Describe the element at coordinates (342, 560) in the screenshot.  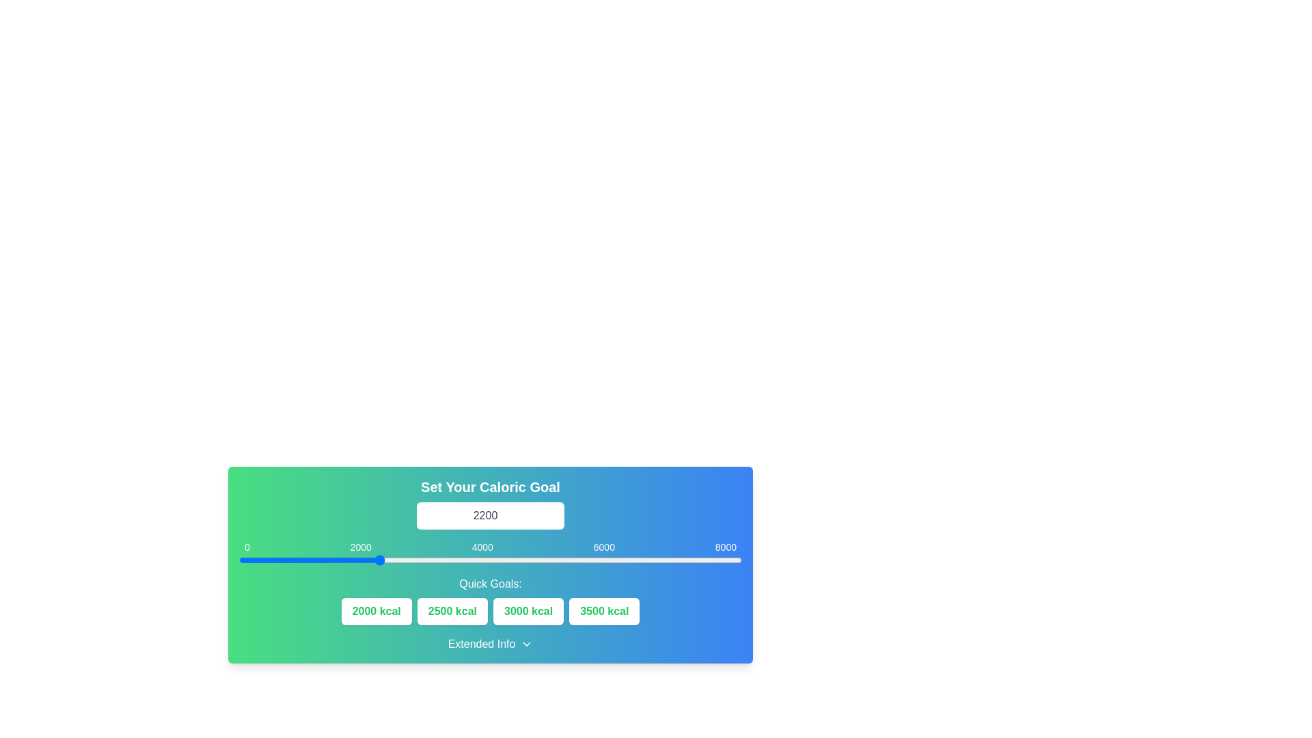
I see `caloric goal` at that location.